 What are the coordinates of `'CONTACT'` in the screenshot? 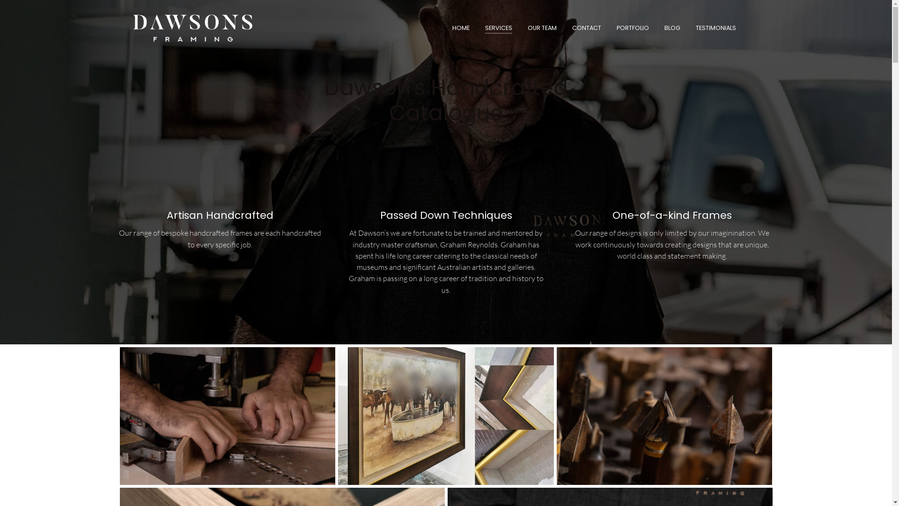 It's located at (564, 28).